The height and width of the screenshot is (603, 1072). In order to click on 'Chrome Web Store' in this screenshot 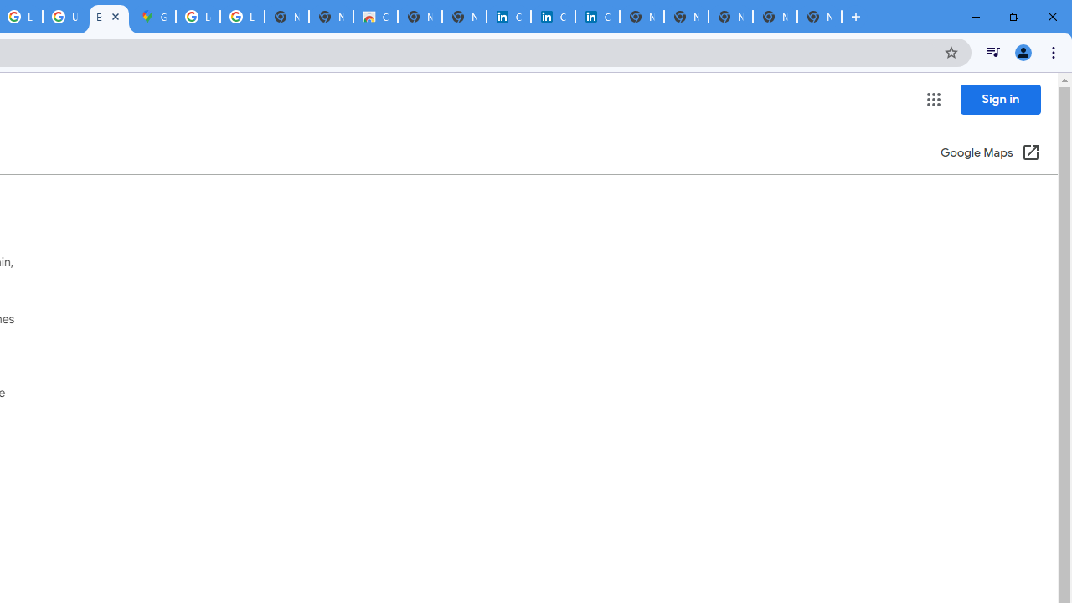, I will do `click(374, 17)`.